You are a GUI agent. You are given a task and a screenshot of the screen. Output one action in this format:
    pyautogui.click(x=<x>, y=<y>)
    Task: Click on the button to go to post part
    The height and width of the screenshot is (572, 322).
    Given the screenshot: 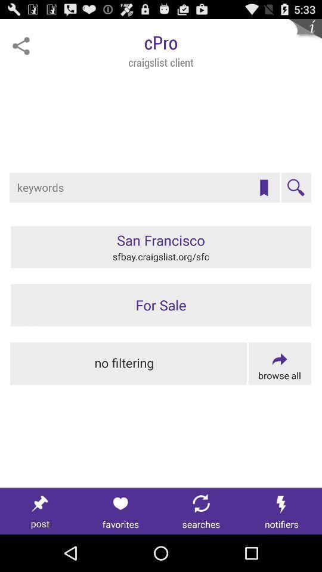 What is the action you would take?
    pyautogui.click(x=40, y=511)
    